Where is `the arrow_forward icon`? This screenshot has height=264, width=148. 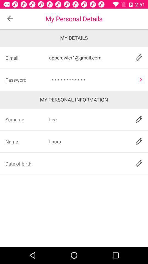 the arrow_forward icon is located at coordinates (141, 79).